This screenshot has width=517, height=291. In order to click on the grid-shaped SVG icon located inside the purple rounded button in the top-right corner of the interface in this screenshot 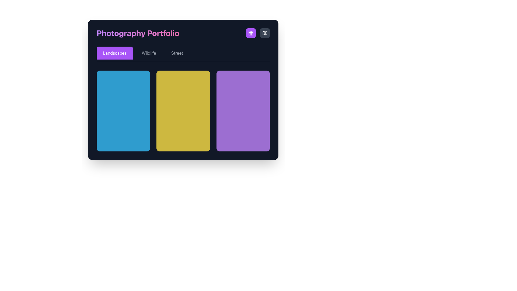, I will do `click(250, 33)`.